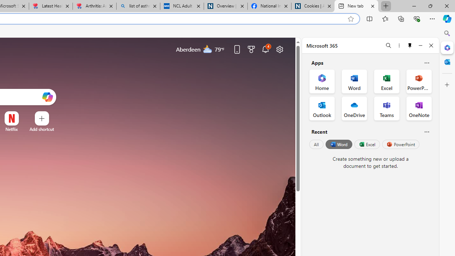 This screenshot has height=256, width=455. Describe the element at coordinates (279, 49) in the screenshot. I see `'Page settings'` at that location.